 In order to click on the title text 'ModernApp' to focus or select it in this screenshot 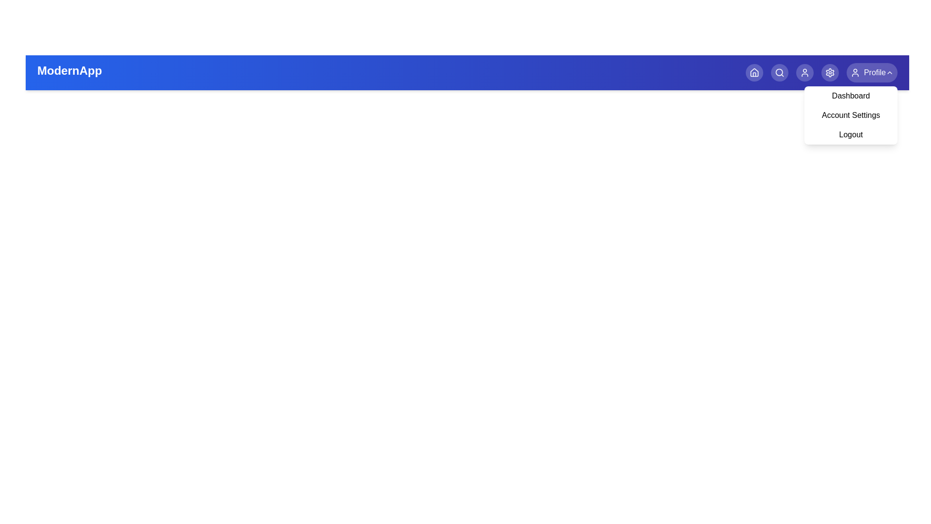, I will do `click(69, 72)`.